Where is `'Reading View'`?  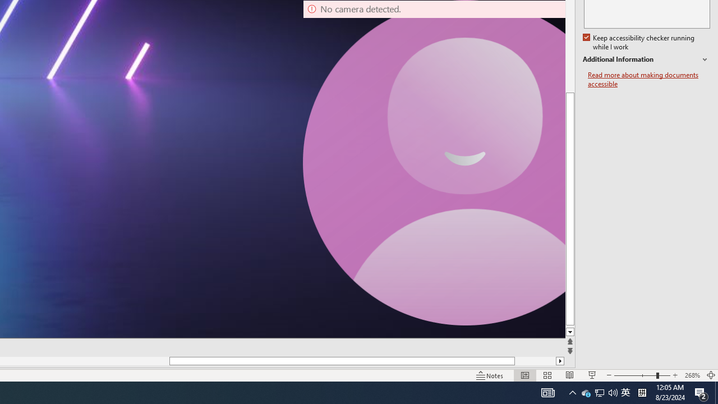 'Reading View' is located at coordinates (569, 375).